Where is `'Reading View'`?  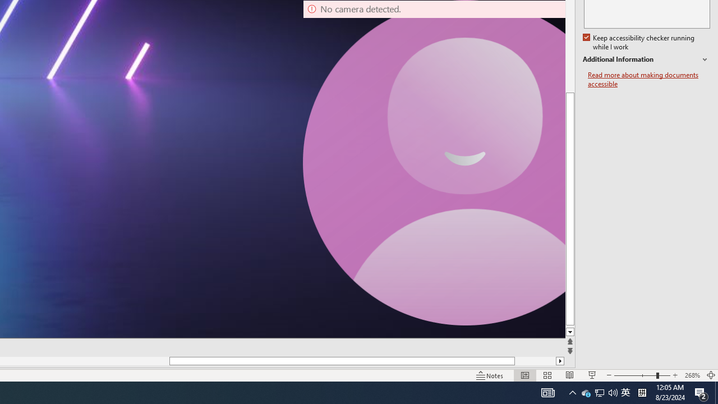 'Reading View' is located at coordinates (569, 375).